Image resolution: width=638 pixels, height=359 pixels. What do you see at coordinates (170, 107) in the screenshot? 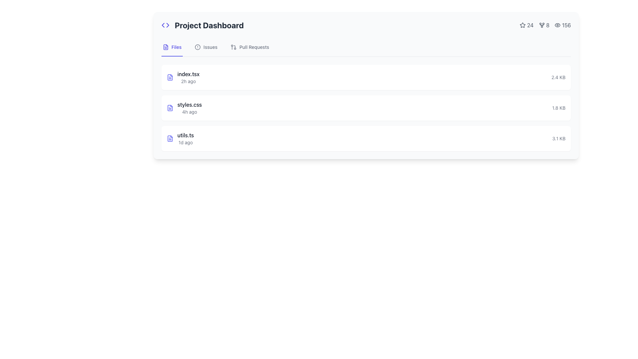
I see `the icon representing the file 'styles.css' located in the second row of the file listing section` at bounding box center [170, 107].